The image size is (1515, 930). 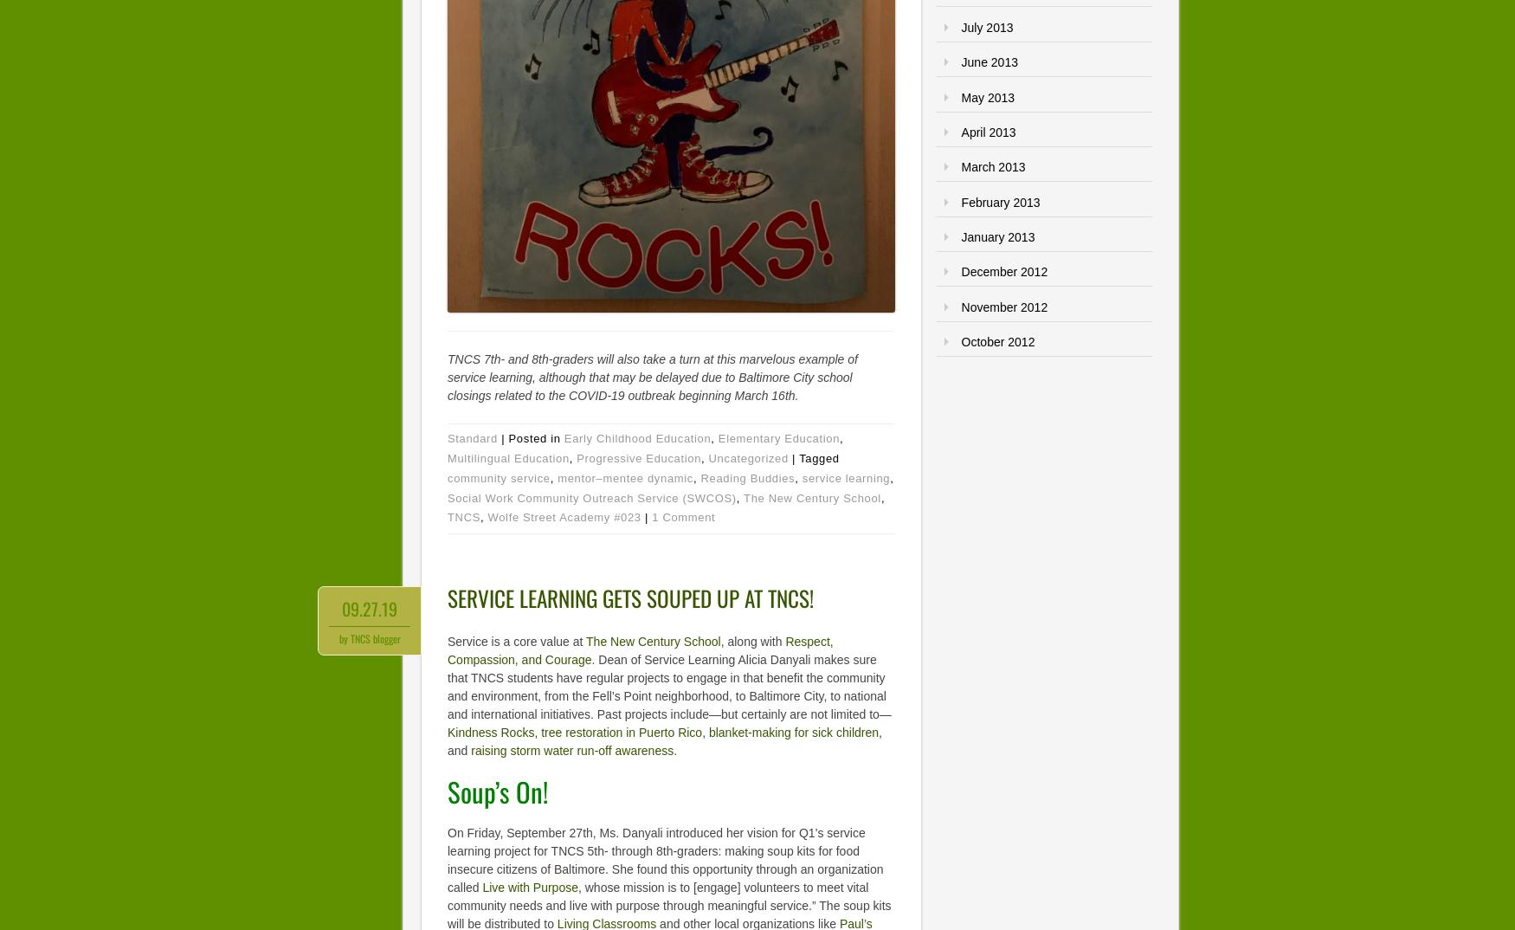 I want to click on ', along with', so click(x=752, y=641).